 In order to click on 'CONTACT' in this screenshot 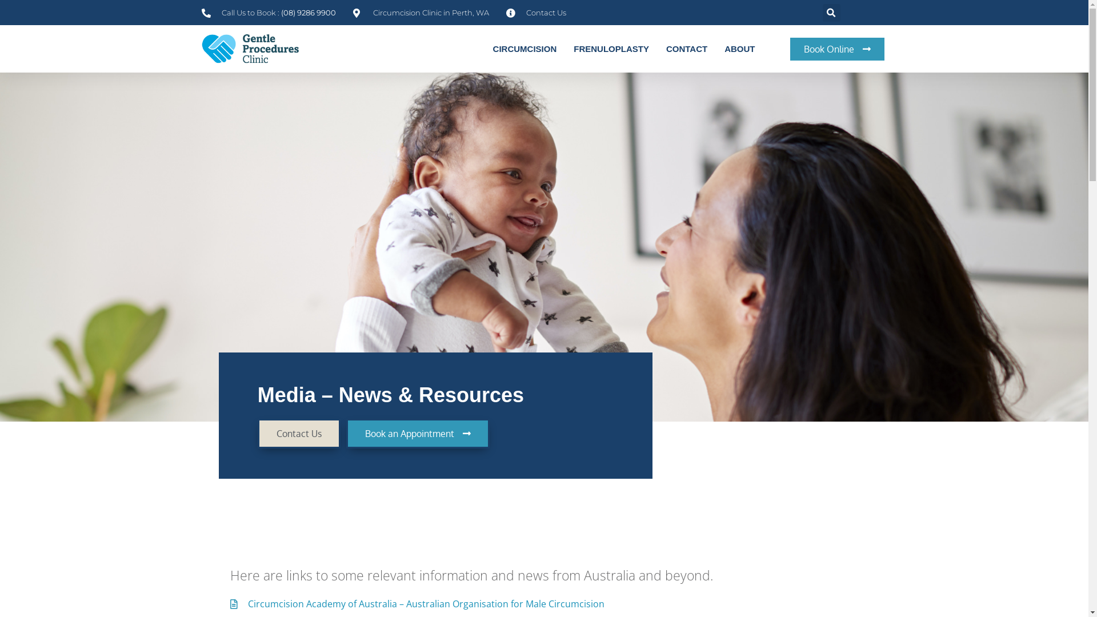, I will do `click(686, 48)`.